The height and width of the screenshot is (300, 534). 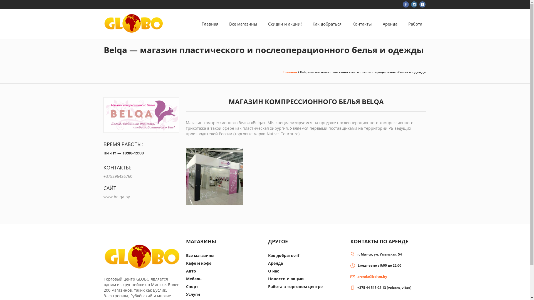 I want to click on 'Facebook', so click(x=403, y=4).